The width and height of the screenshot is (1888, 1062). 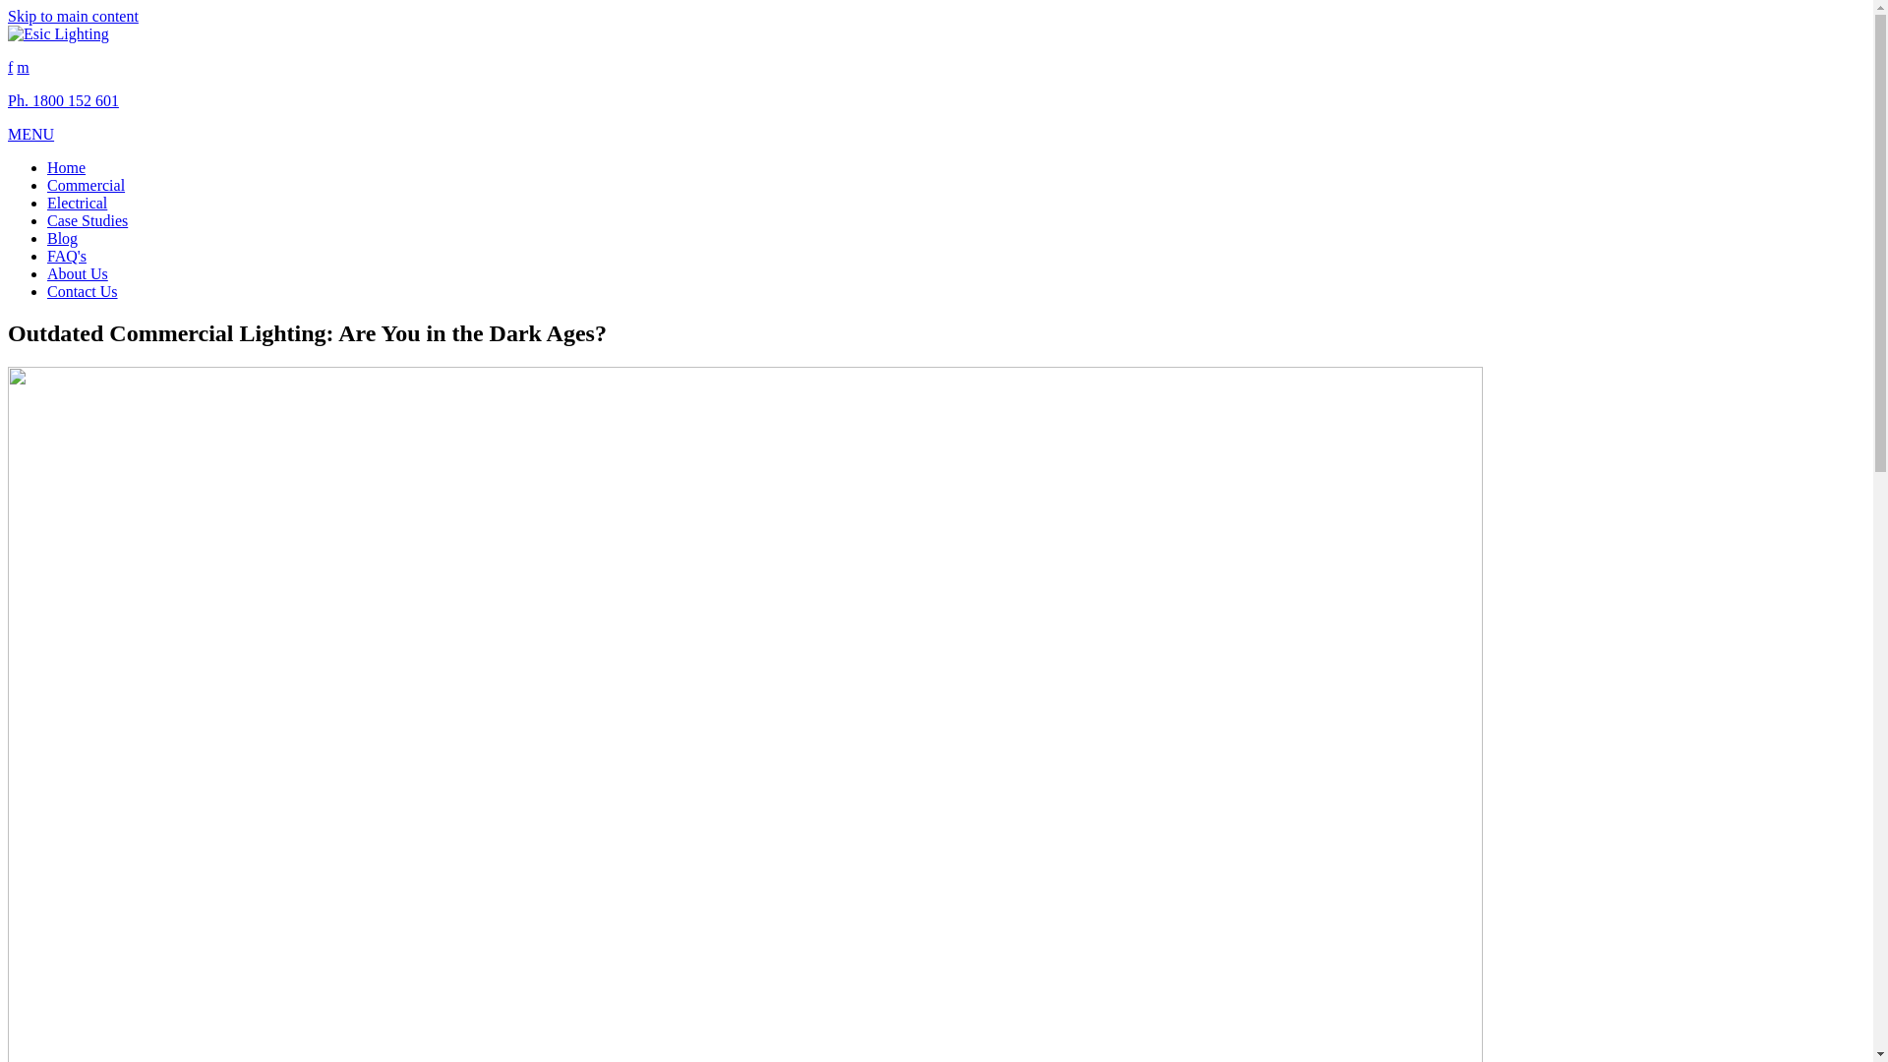 I want to click on 'Skip to main content', so click(x=73, y=16).